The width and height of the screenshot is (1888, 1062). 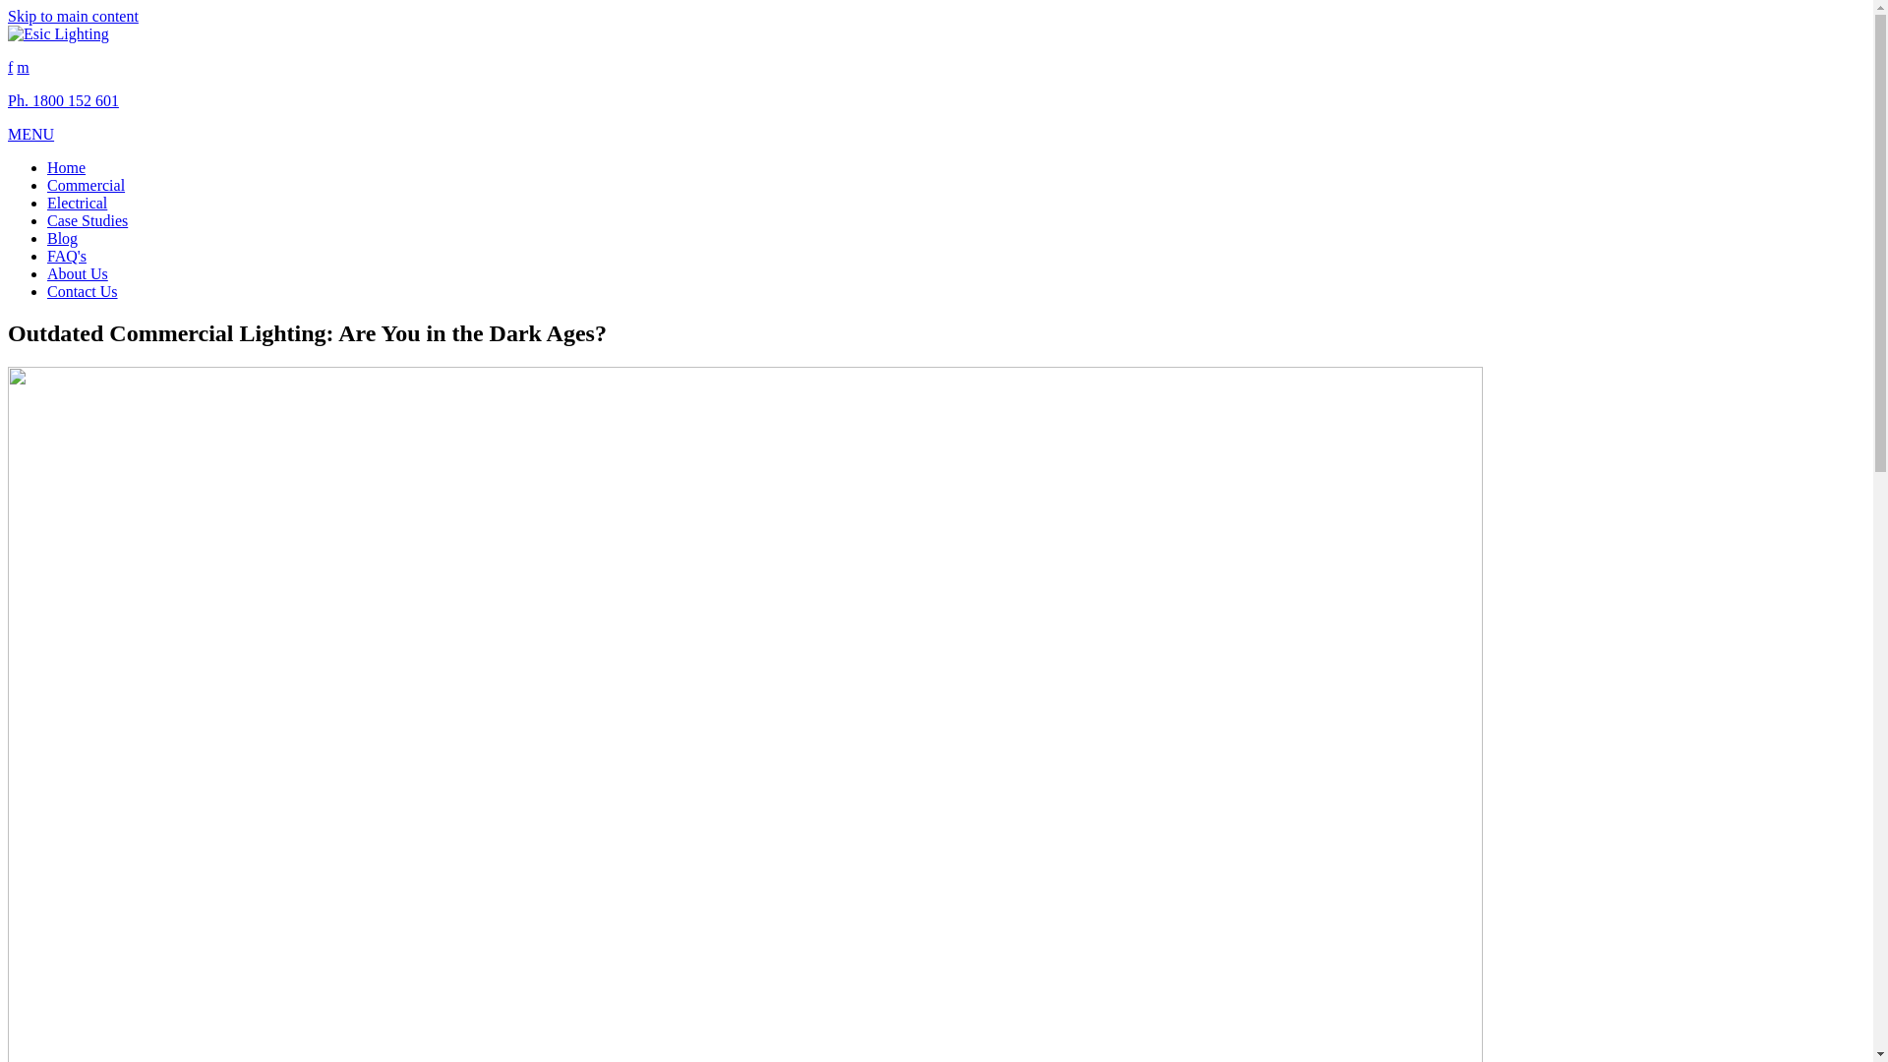 I want to click on 'Skip to main content', so click(x=73, y=16).